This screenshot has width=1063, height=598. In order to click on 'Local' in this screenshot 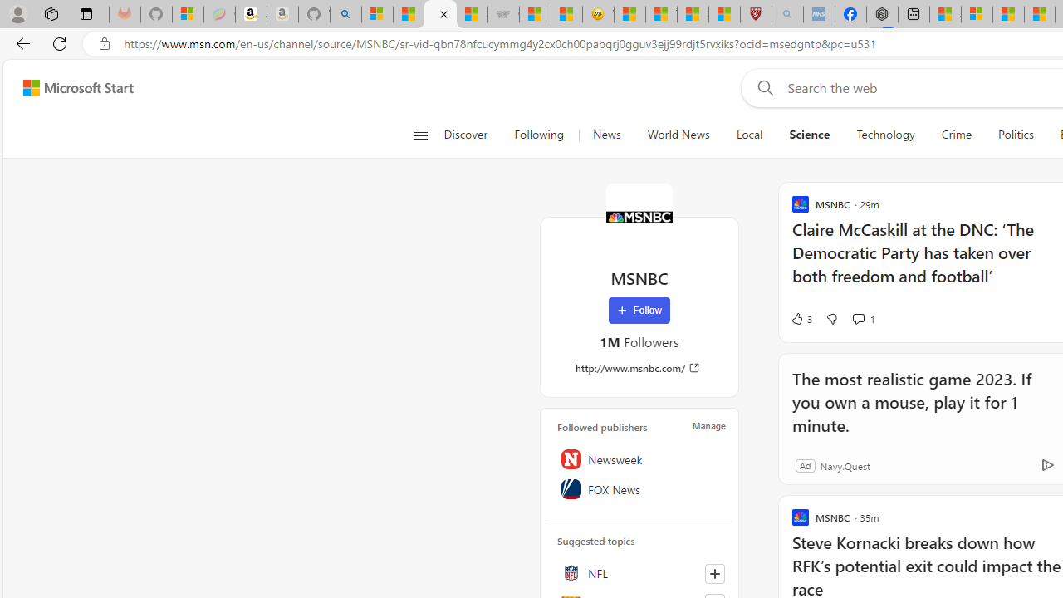, I will do `click(748, 135)`.